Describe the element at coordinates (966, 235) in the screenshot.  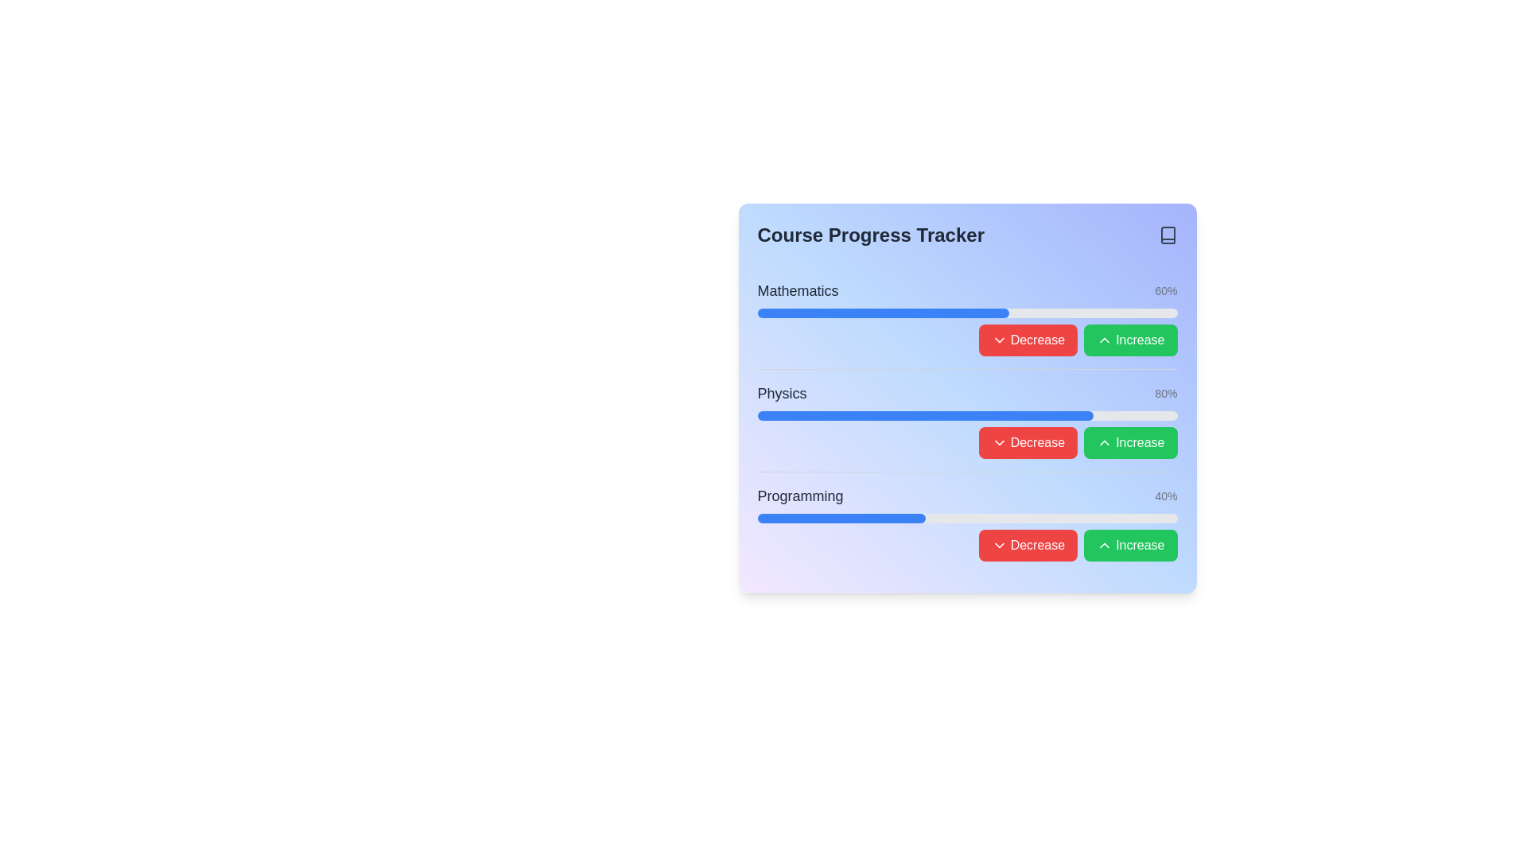
I see `the text element that serves as a title for the course progress section to activate highlighting effects` at that location.